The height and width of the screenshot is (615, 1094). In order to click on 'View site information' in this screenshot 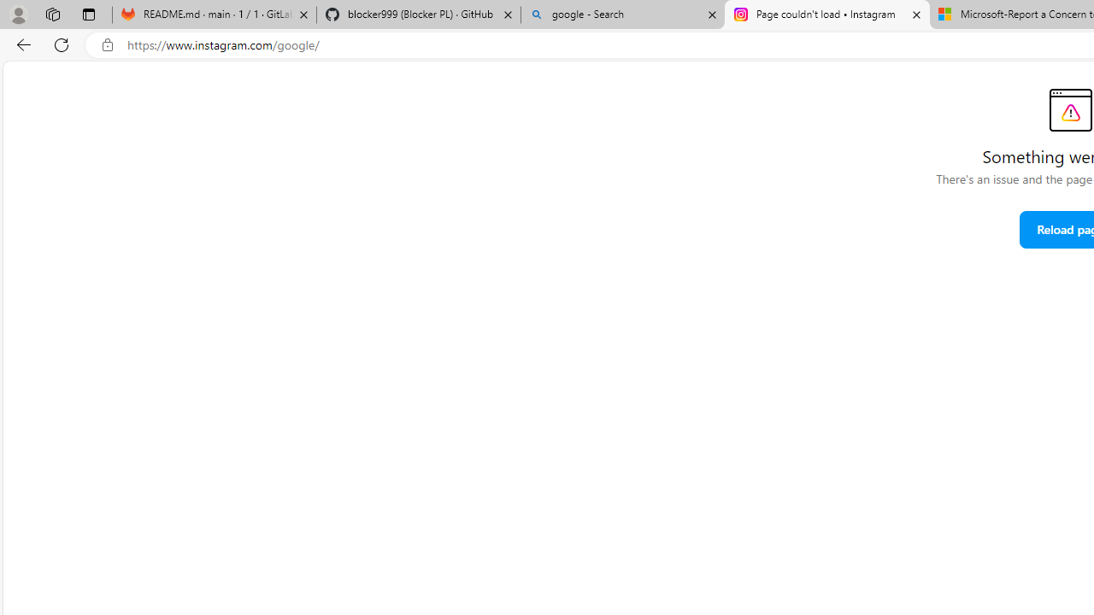, I will do `click(107, 44)`.